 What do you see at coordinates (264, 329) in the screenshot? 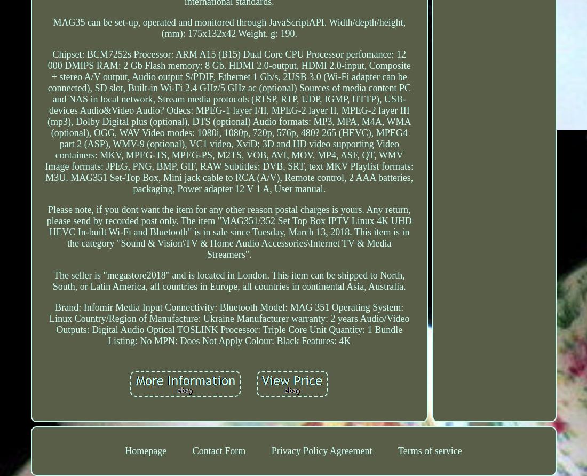
I see `'Processor: Triple Core'` at bounding box center [264, 329].